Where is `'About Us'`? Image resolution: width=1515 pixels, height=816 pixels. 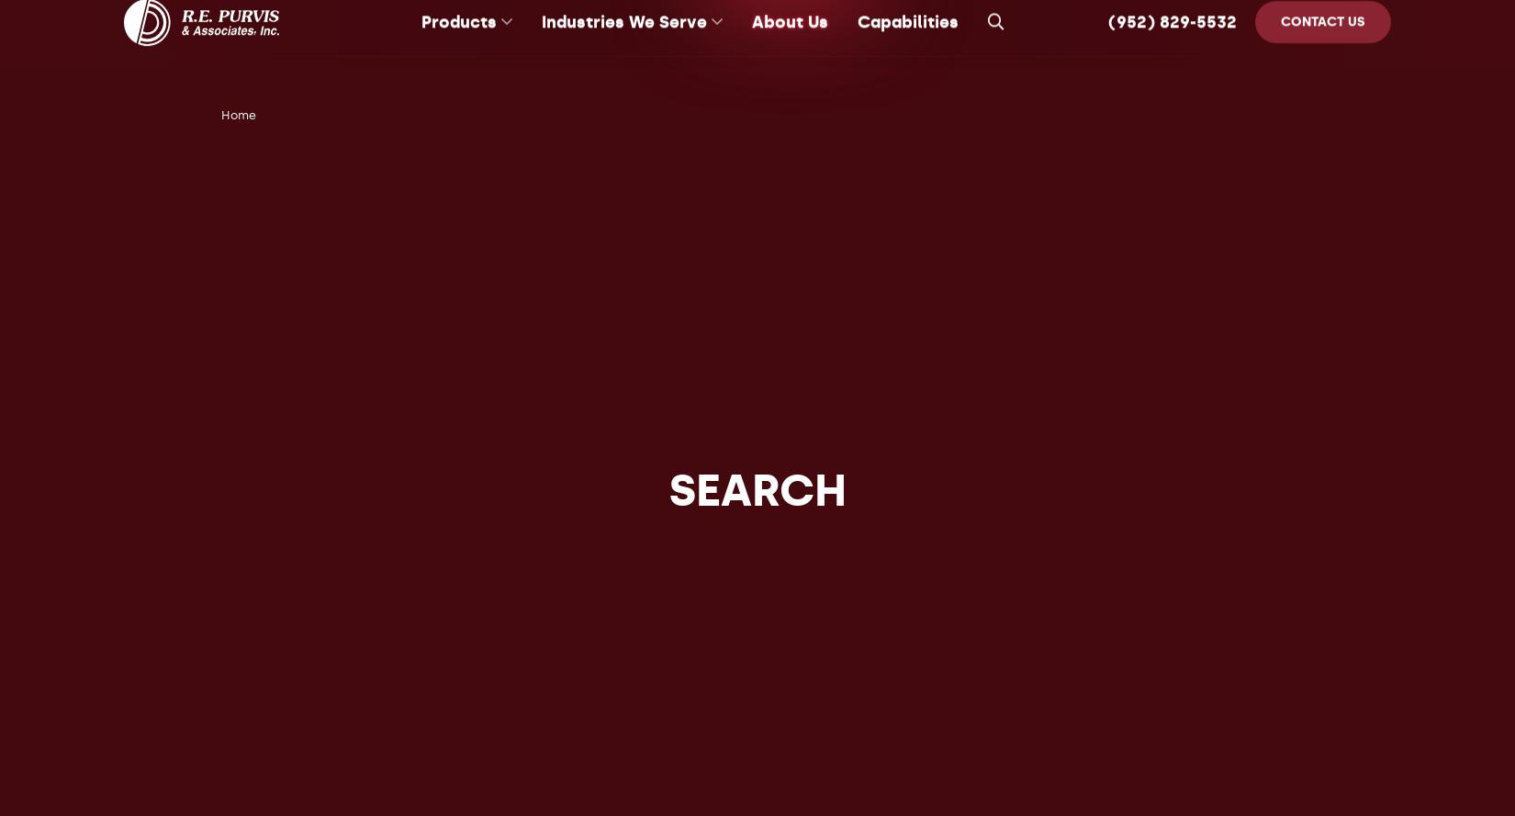
'About Us' is located at coordinates (789, 44).